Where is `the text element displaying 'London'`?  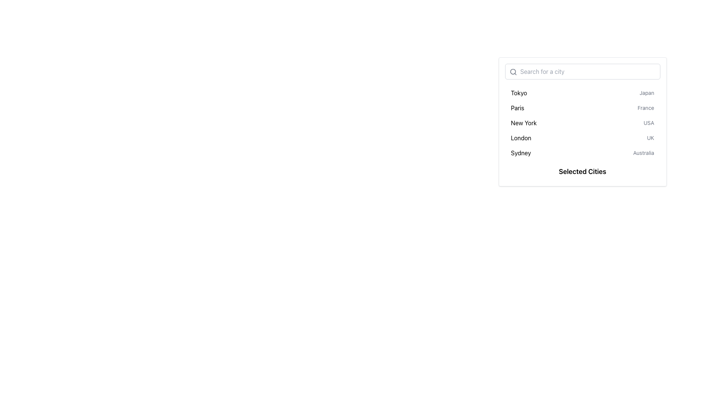 the text element displaying 'London' is located at coordinates (520, 138).